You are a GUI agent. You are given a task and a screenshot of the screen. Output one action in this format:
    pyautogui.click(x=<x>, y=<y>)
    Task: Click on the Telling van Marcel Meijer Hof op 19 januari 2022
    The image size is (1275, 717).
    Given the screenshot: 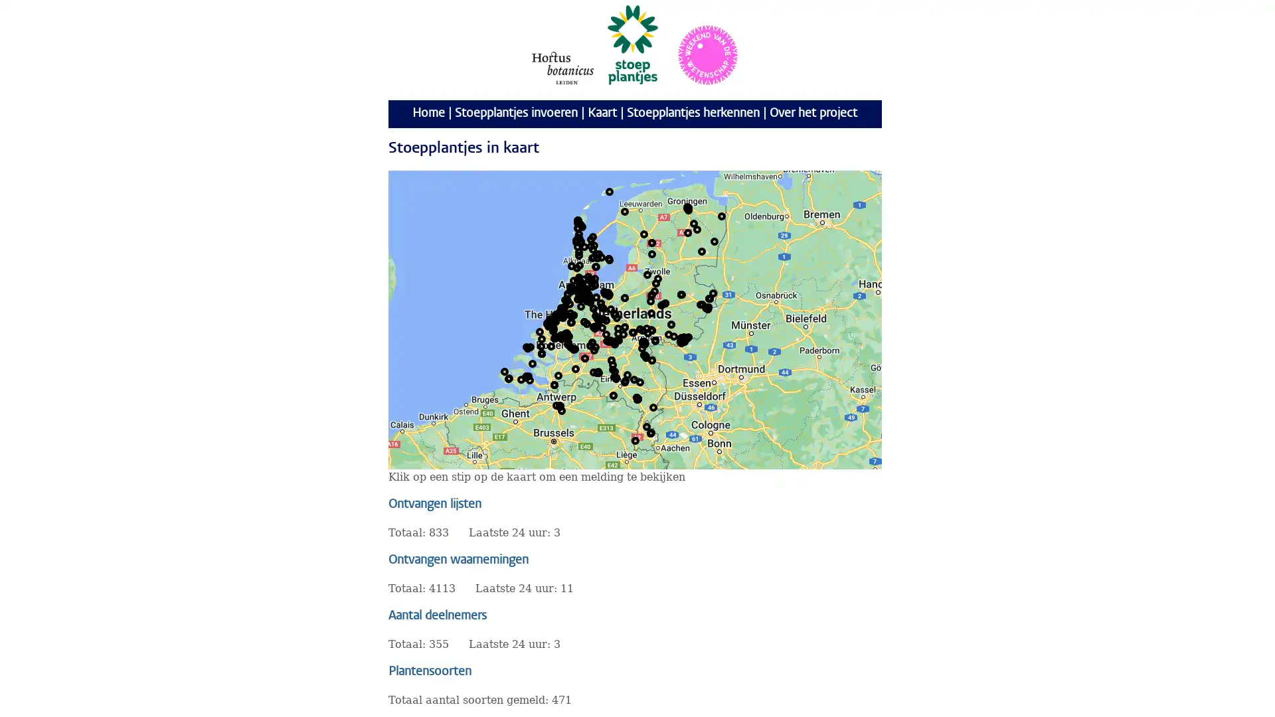 What is the action you would take?
    pyautogui.click(x=707, y=307)
    